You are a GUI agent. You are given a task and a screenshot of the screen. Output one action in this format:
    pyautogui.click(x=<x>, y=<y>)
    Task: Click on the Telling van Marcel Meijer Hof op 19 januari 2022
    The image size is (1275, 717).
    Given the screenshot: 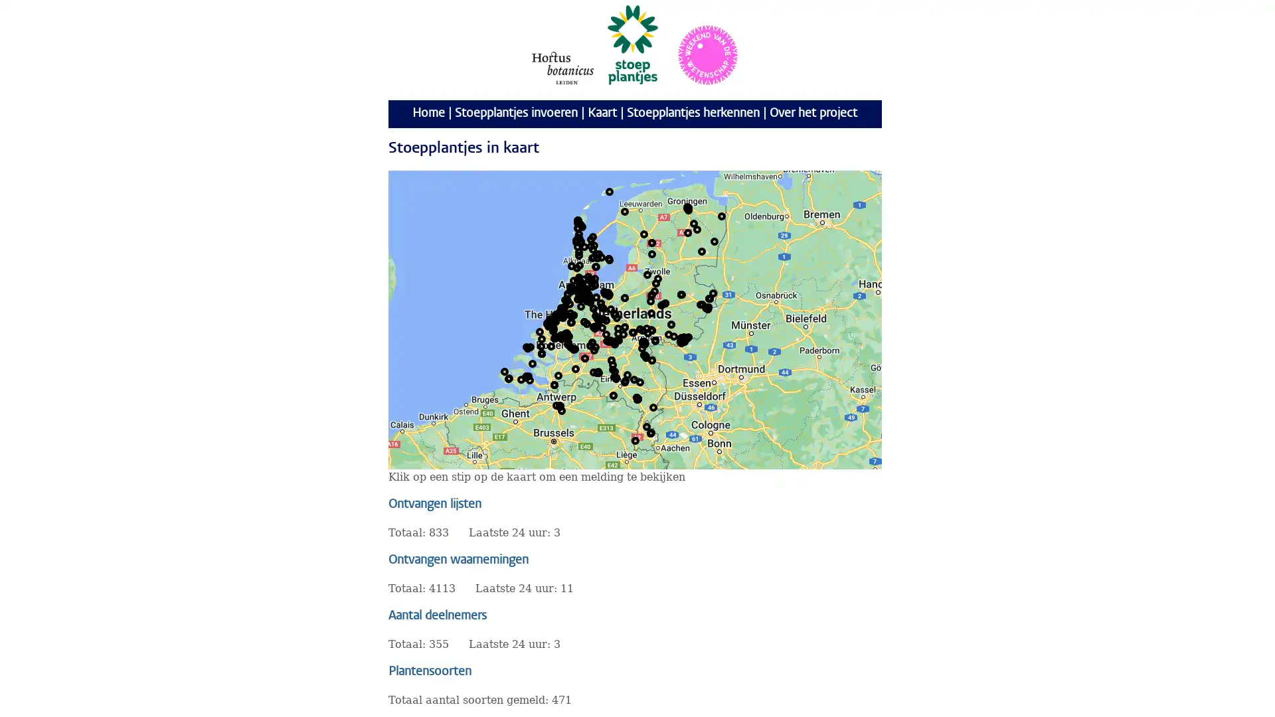 What is the action you would take?
    pyautogui.click(x=707, y=307)
    